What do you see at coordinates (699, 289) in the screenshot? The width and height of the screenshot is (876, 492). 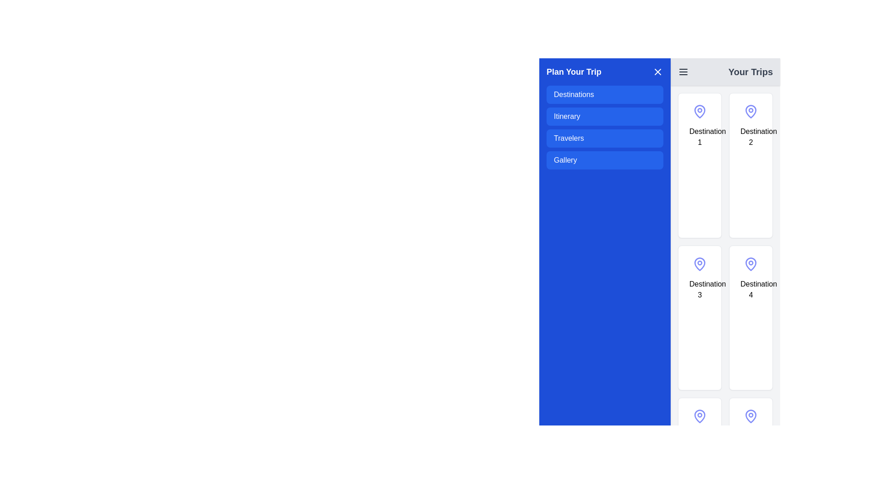 I see `the text label displaying 'Destination 3' located inside a card in the lower-left cell of the grid layout` at bounding box center [699, 289].